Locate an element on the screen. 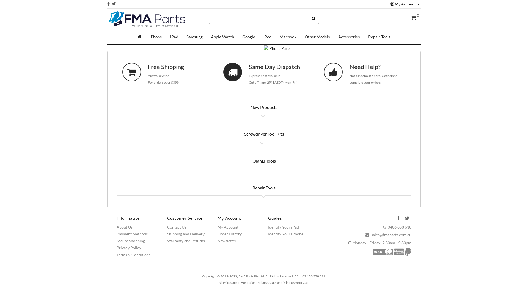 This screenshot has width=528, height=297. 'Privacy Policy' is located at coordinates (128, 248).